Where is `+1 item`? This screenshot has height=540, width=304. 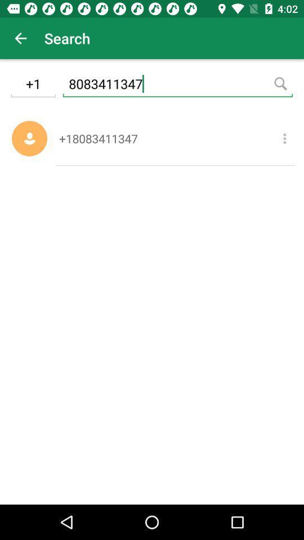 +1 item is located at coordinates (33, 85).